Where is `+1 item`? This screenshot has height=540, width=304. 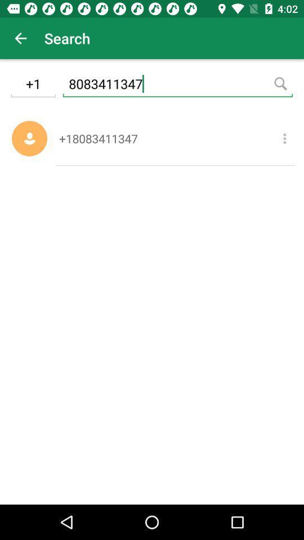 +1 item is located at coordinates (33, 85).